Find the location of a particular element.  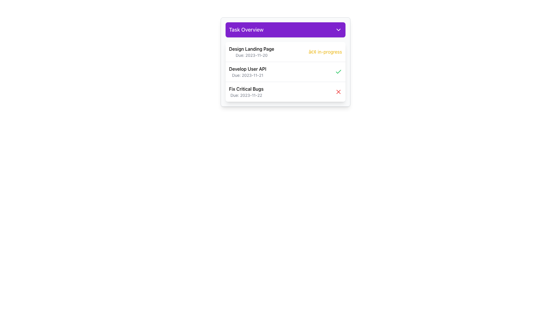

the red close icon shaped like an 'X' located at the far-right of the task list labeled 'Fix Critical Bugs' is located at coordinates (339, 91).